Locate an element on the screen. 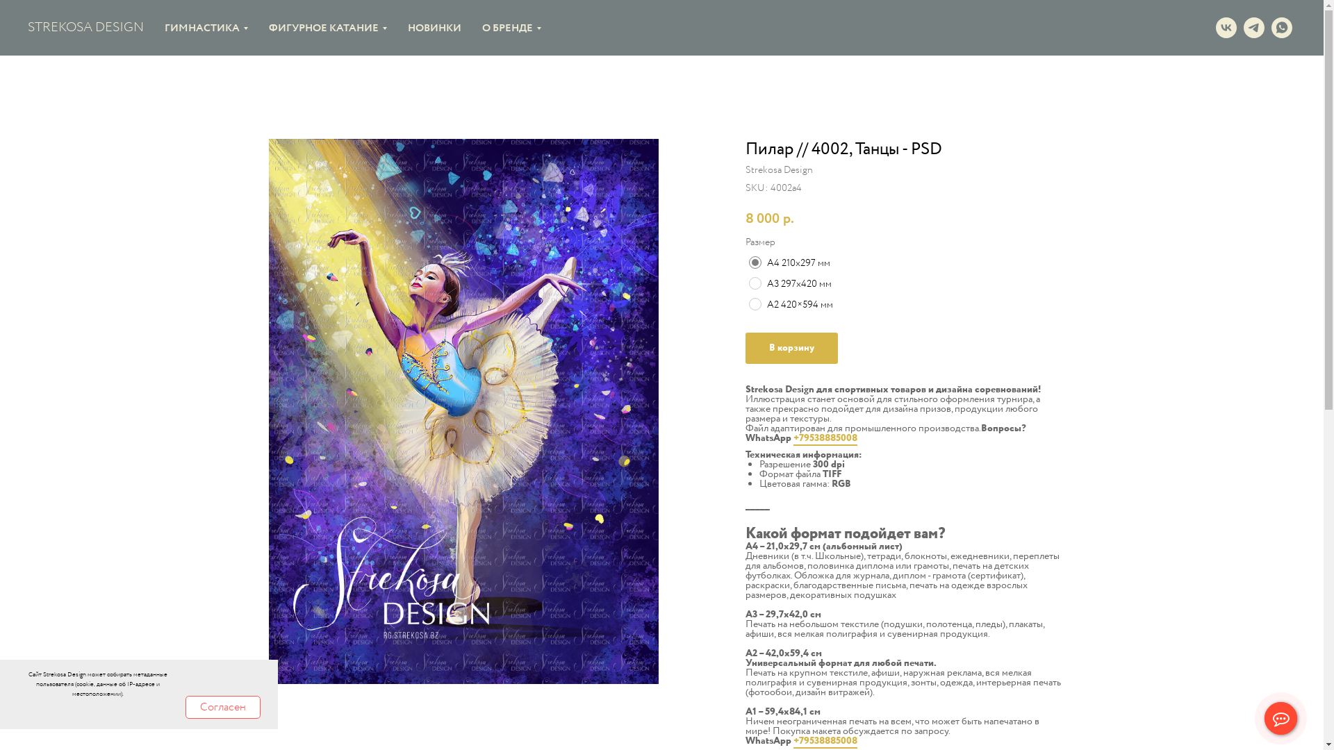 The width and height of the screenshot is (1334, 750). '+79538885008' is located at coordinates (793, 740).